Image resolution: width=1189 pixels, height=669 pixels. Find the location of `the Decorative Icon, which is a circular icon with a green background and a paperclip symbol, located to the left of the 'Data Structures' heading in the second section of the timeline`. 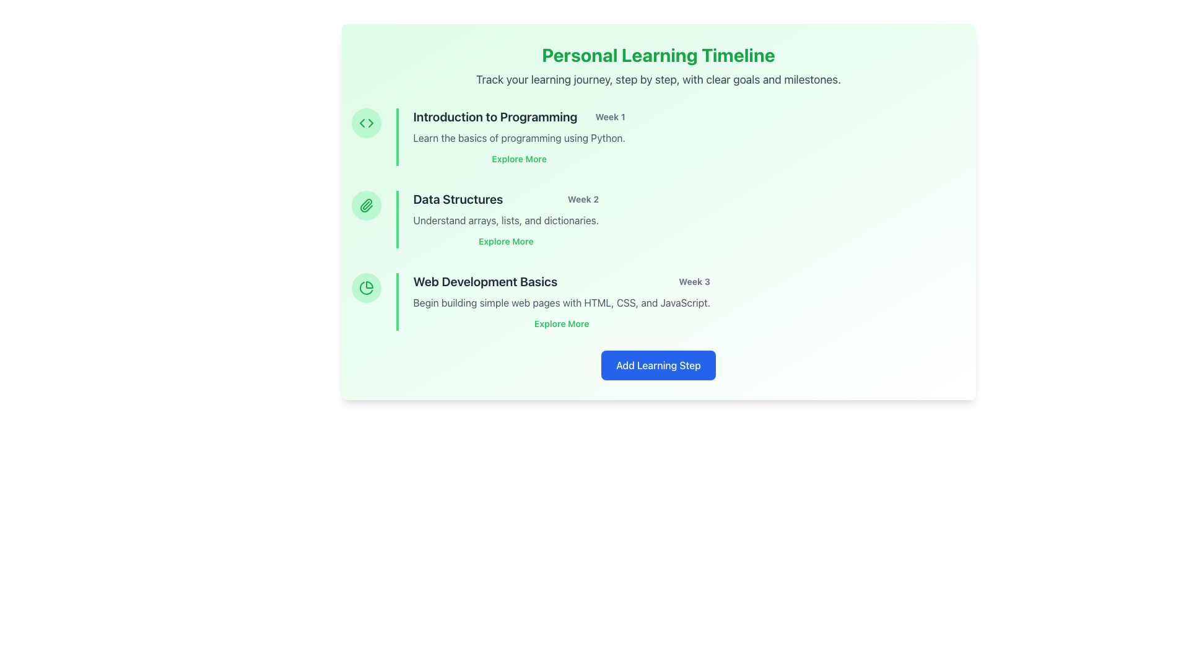

the Decorative Icon, which is a circular icon with a green background and a paperclip symbol, located to the left of the 'Data Structures' heading in the second section of the timeline is located at coordinates (365, 204).